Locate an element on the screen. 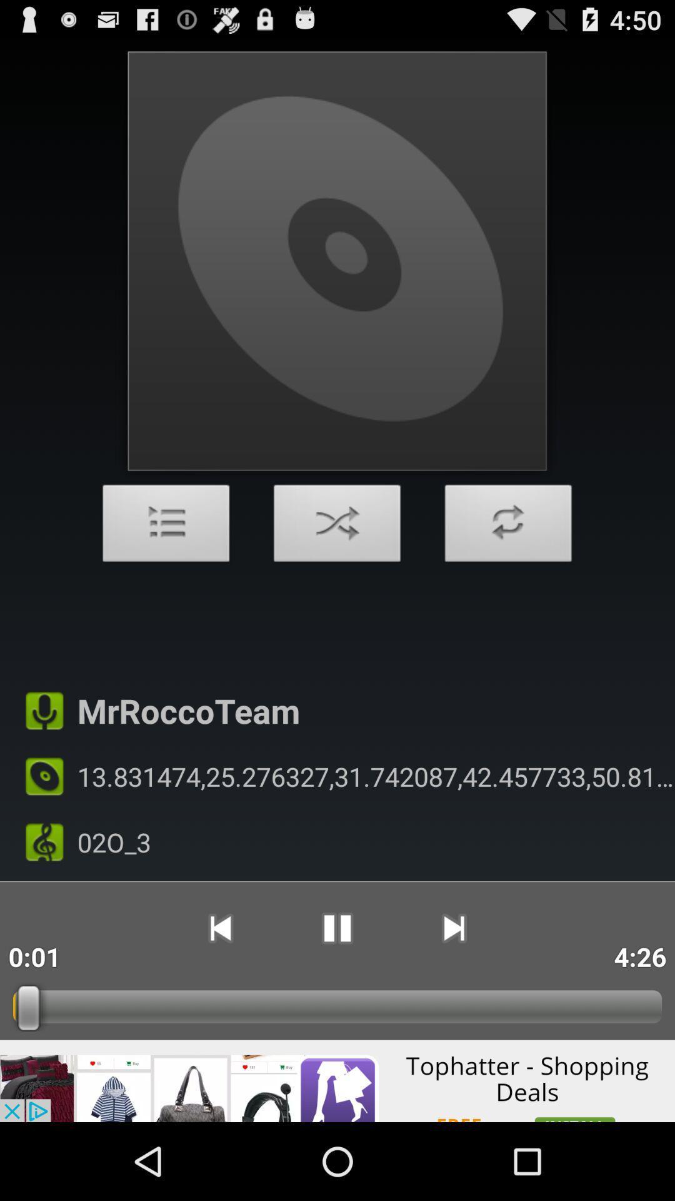  the skip_next icon is located at coordinates (454, 993).